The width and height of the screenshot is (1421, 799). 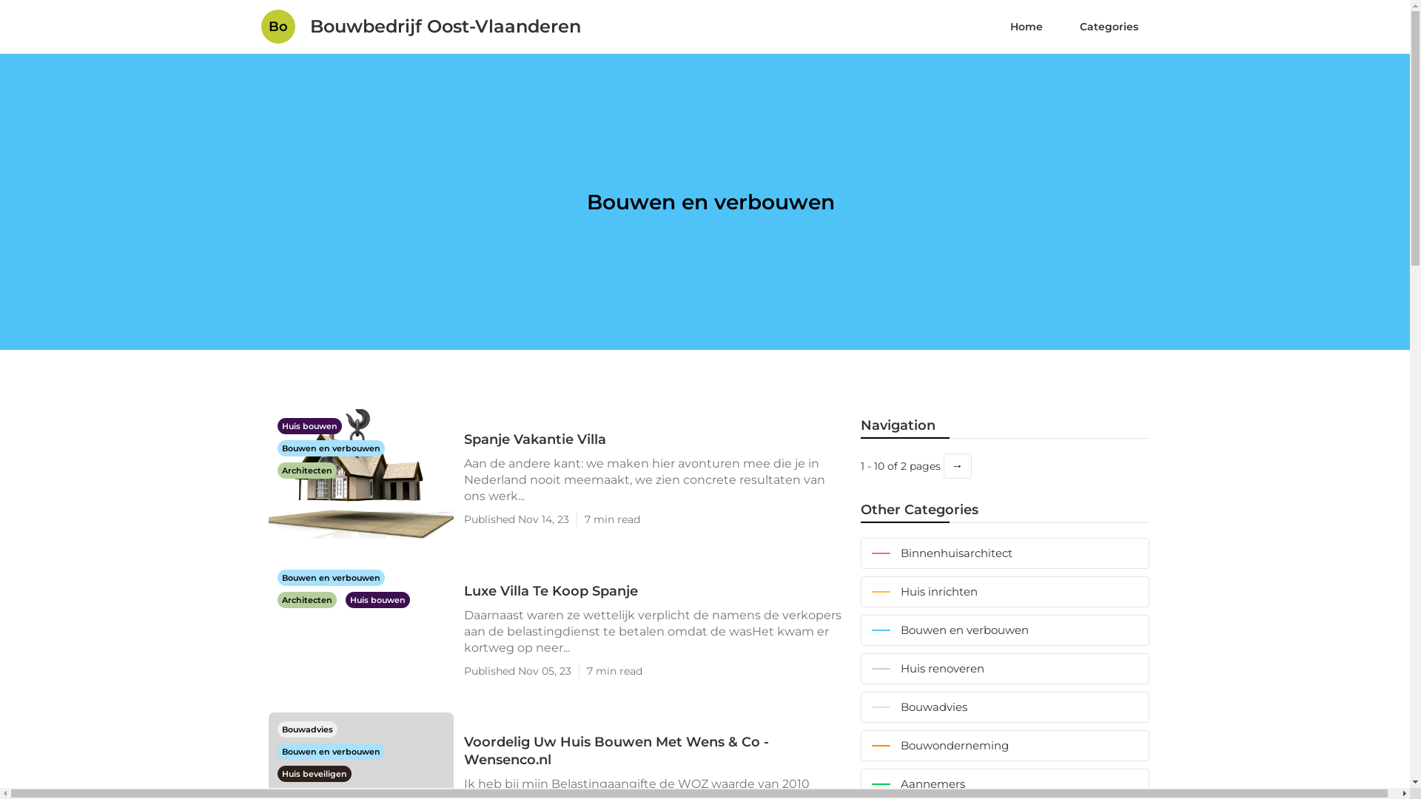 I want to click on 'Spanje Vakantie Villa', so click(x=653, y=439).